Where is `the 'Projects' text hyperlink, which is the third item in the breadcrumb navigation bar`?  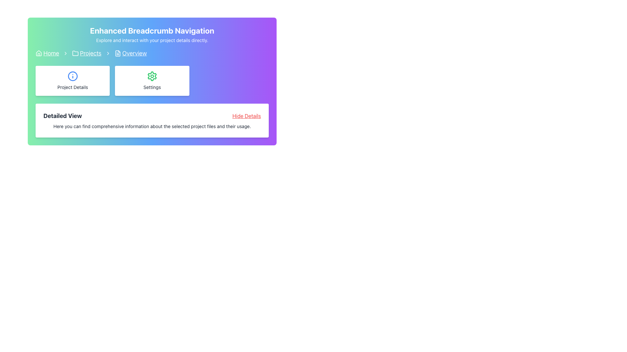
the 'Projects' text hyperlink, which is the third item in the breadcrumb navigation bar is located at coordinates (90, 53).